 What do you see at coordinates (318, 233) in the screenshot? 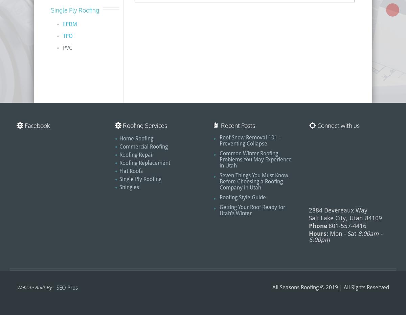
I see `'Hours:'` at bounding box center [318, 233].